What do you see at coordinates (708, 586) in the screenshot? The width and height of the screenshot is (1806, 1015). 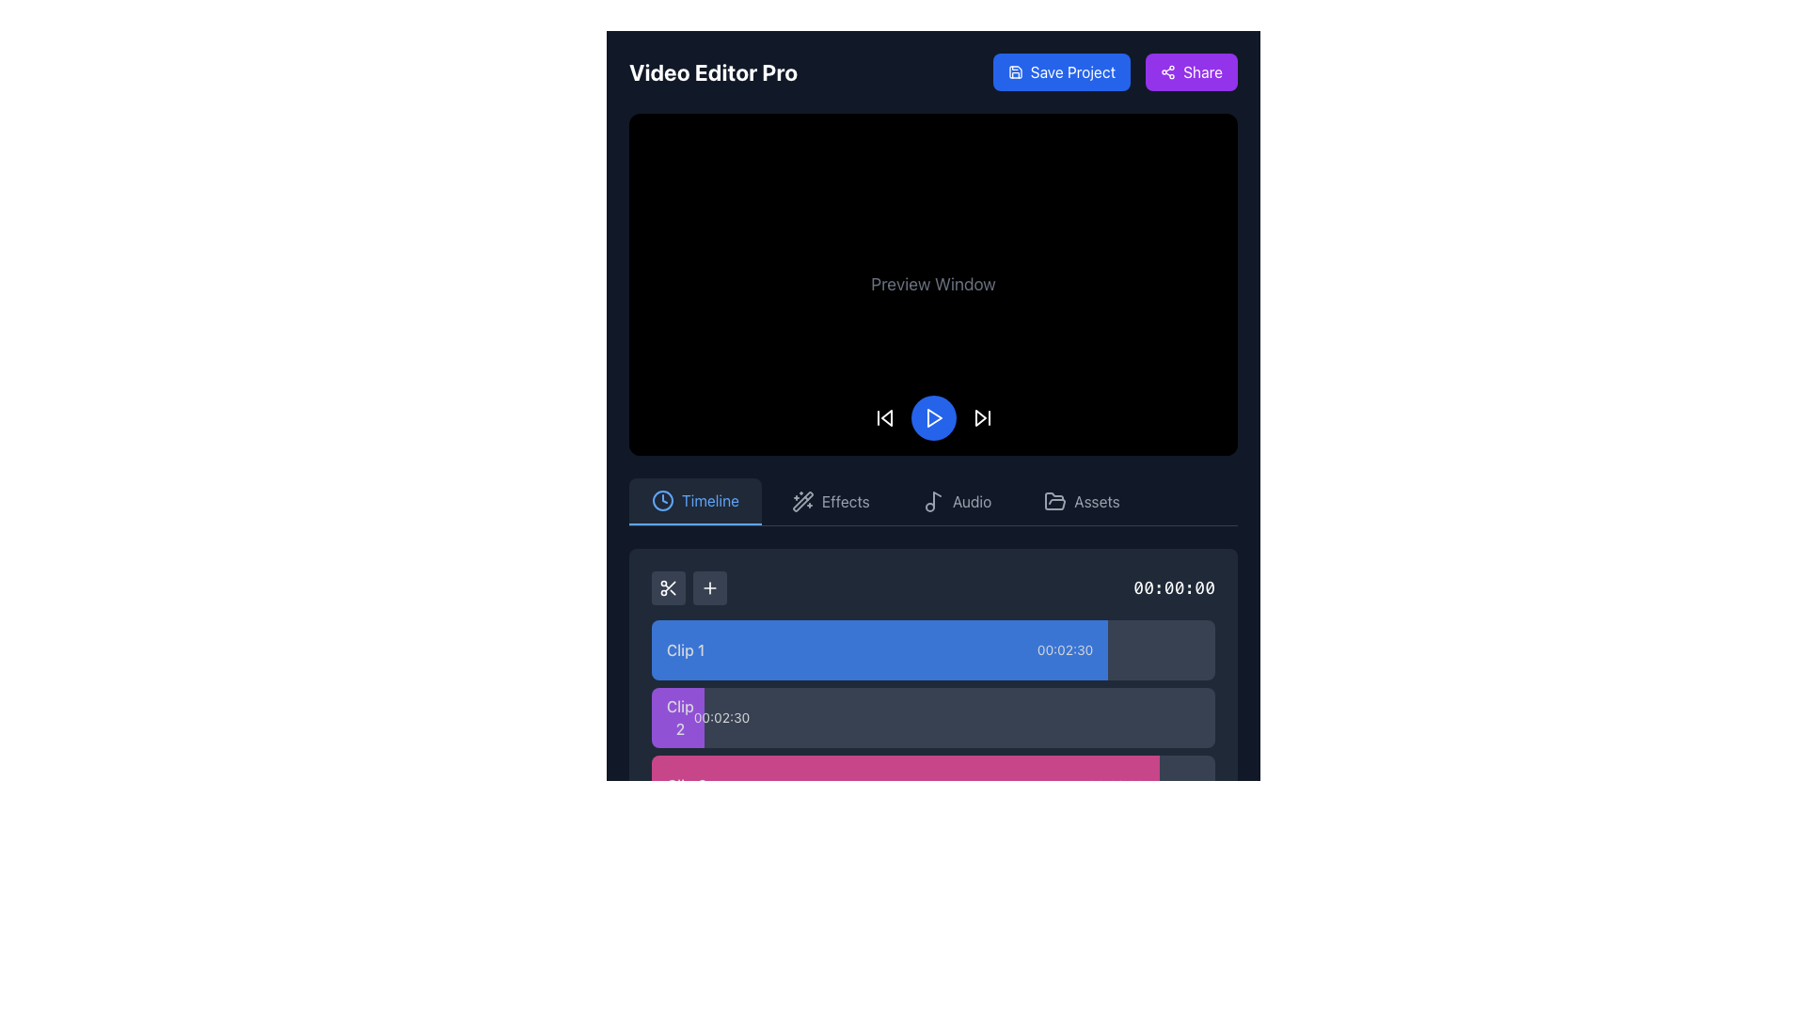 I see `the button located near the top-left of the timeline panel` at bounding box center [708, 586].